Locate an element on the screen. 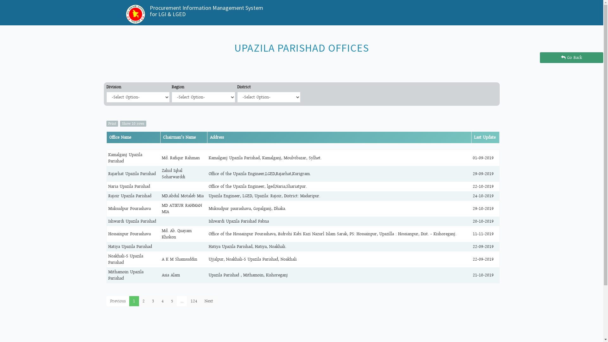 This screenshot has height=342, width=608. 'Show 10 rows' is located at coordinates (132, 123).